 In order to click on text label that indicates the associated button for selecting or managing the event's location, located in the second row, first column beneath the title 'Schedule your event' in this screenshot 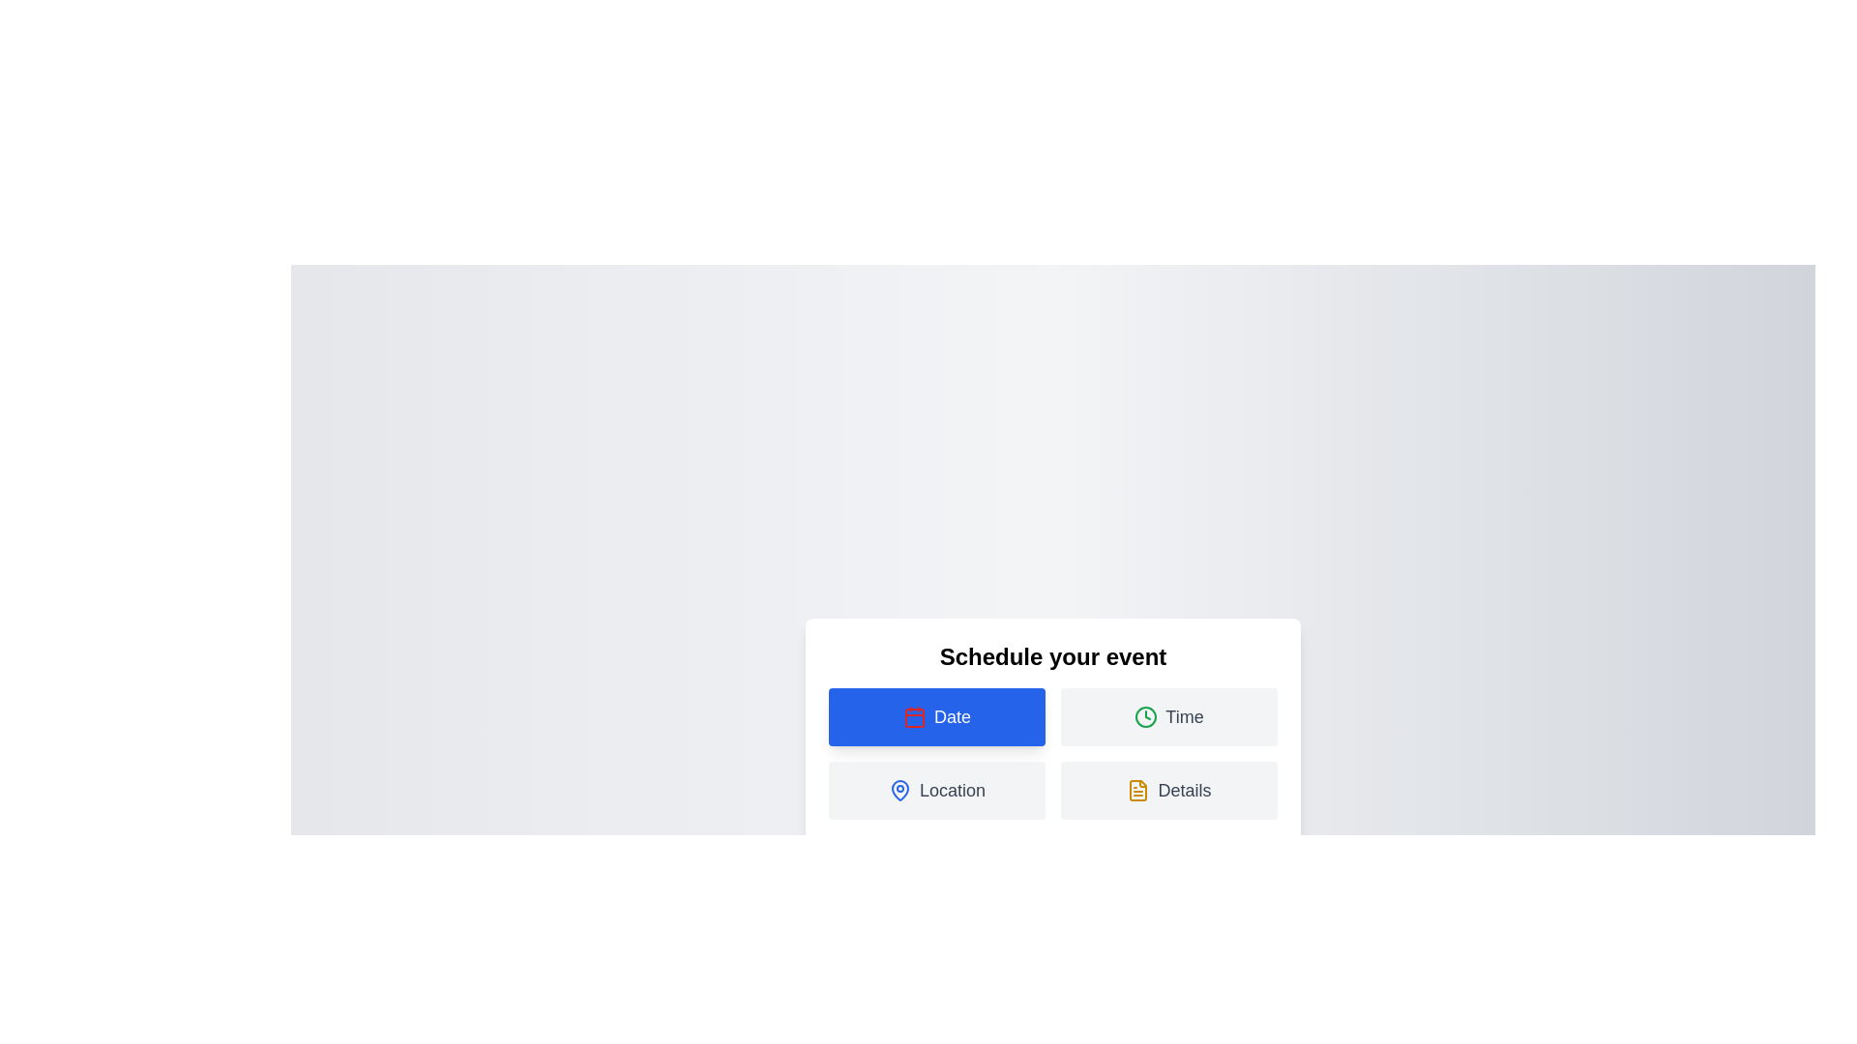, I will do `click(952, 790)`.